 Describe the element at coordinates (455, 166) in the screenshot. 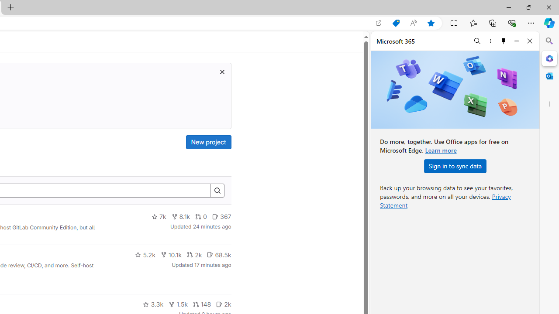

I see `'Sign in to sync data'` at that location.